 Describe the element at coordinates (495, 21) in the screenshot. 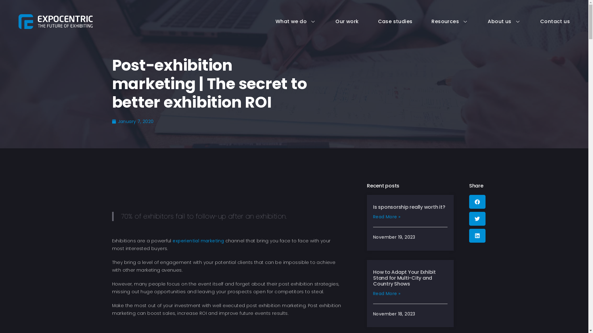

I see `'About us'` at that location.